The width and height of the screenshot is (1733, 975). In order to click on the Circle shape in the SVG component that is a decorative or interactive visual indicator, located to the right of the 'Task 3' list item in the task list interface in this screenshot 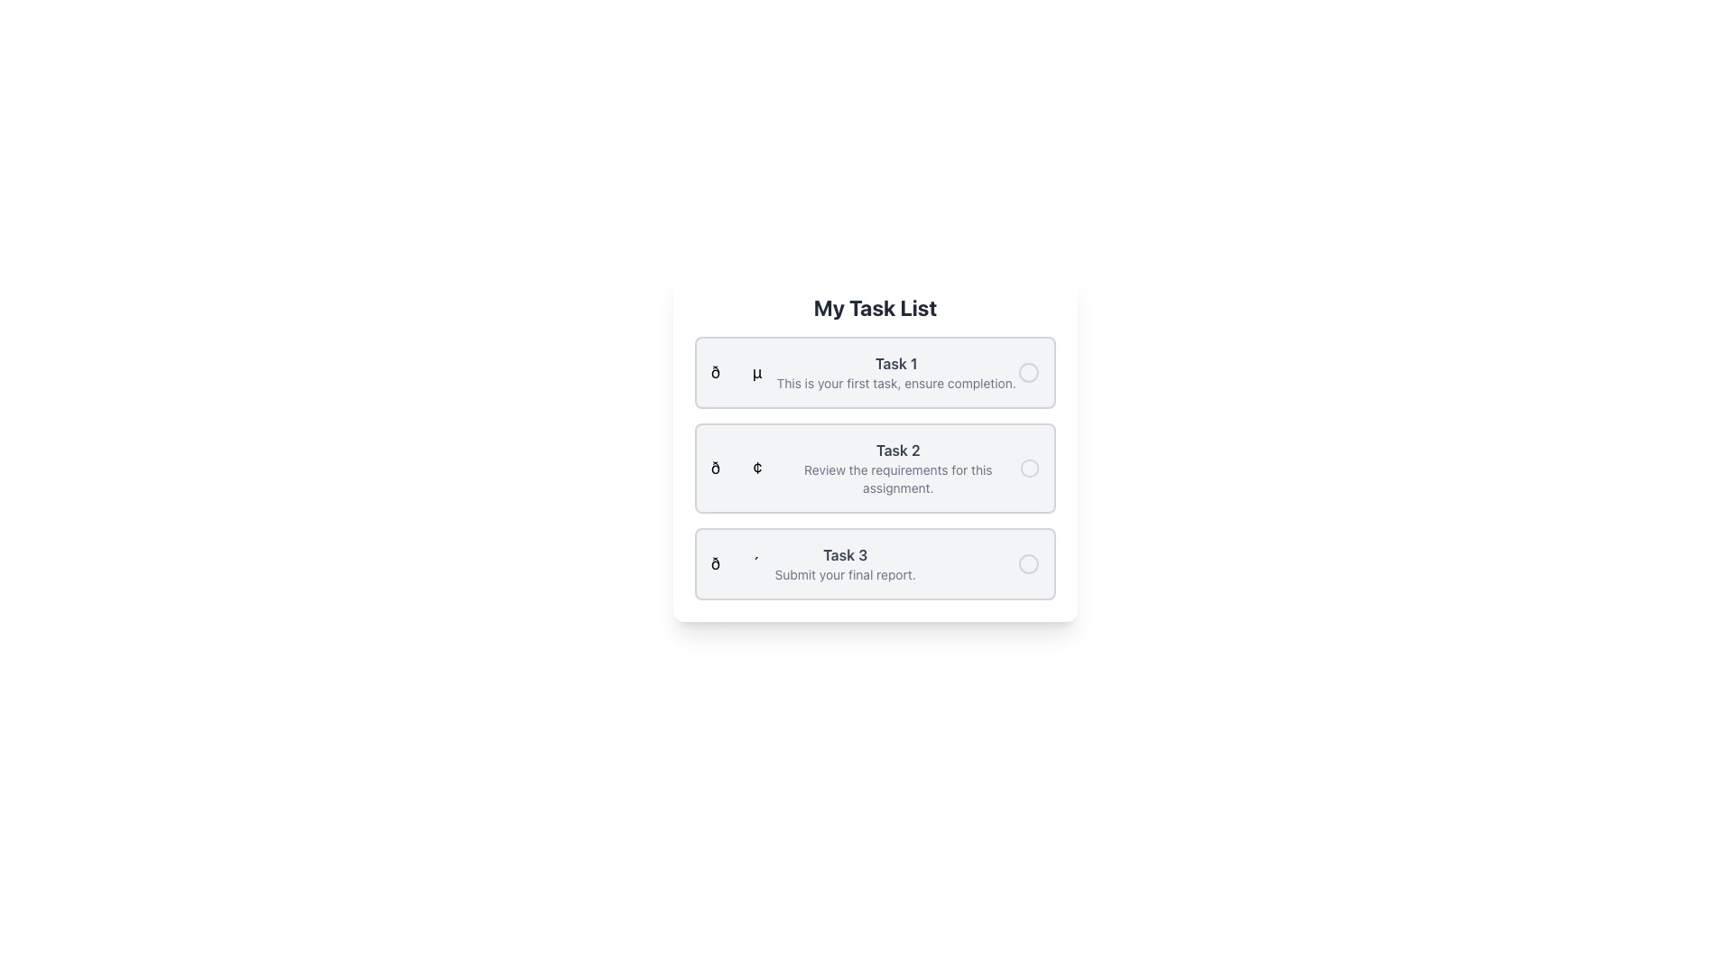, I will do `click(1029, 562)`.